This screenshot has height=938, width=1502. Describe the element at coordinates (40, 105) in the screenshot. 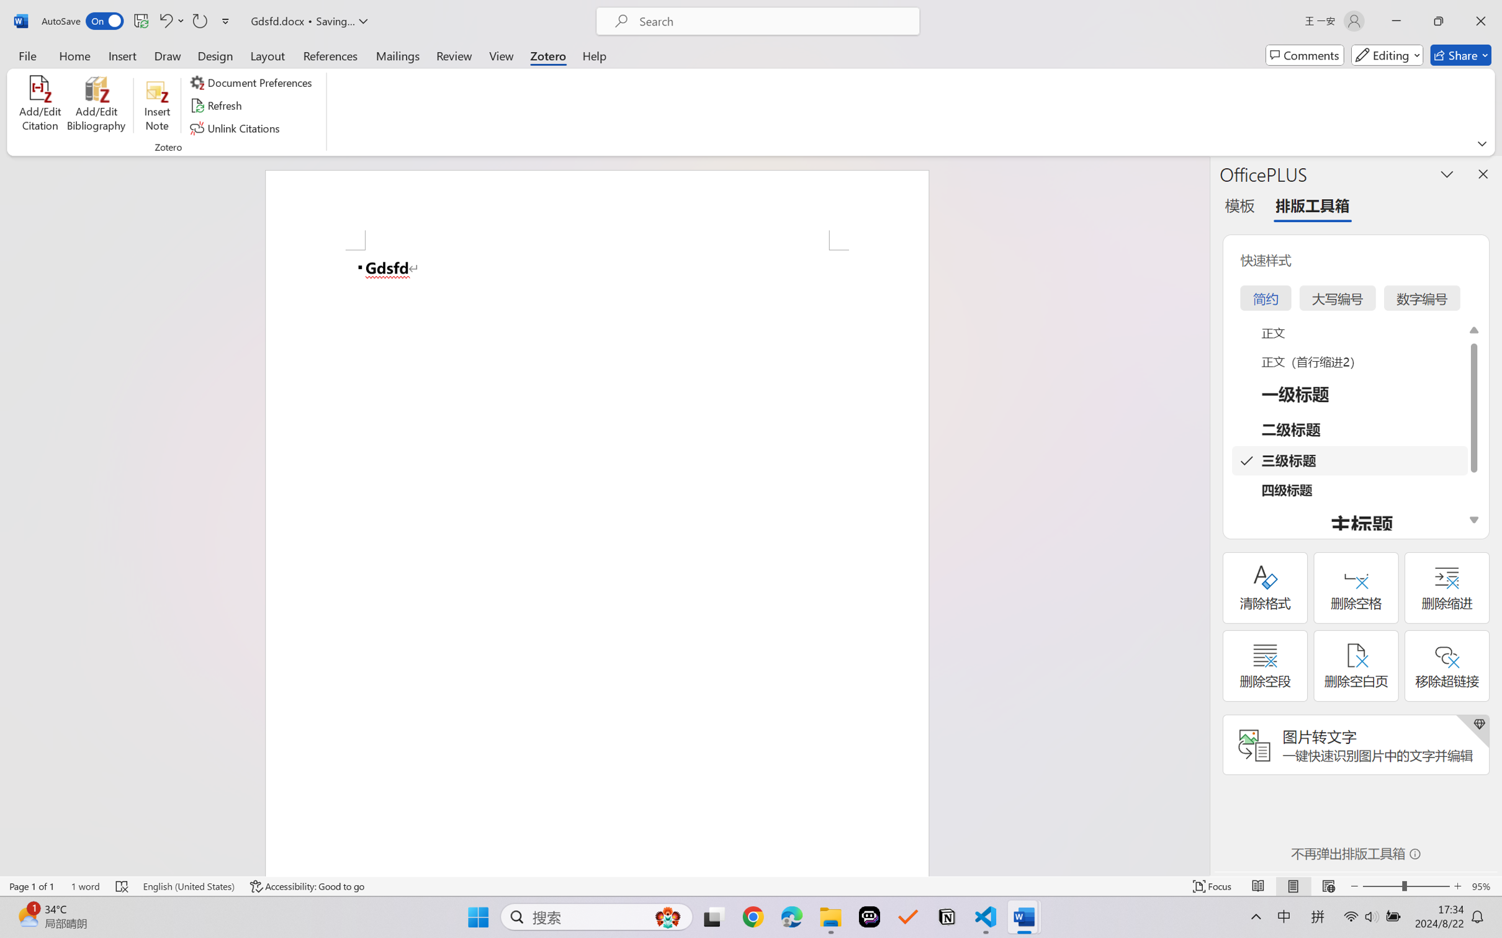

I see `'Add/Edit Citation'` at that location.